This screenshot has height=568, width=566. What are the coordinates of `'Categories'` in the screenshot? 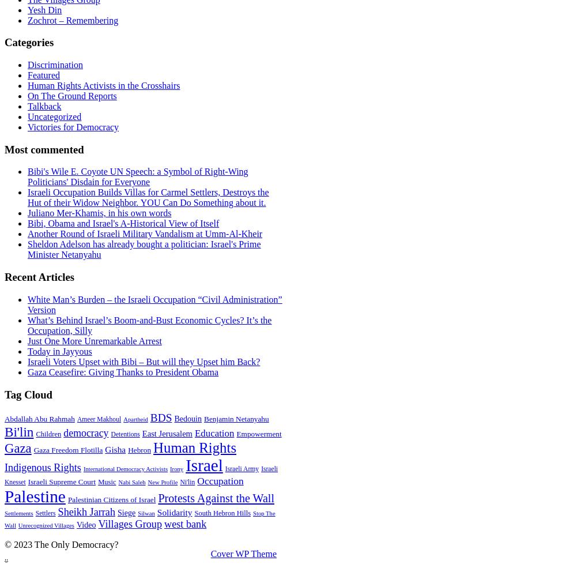 It's located at (3, 42).